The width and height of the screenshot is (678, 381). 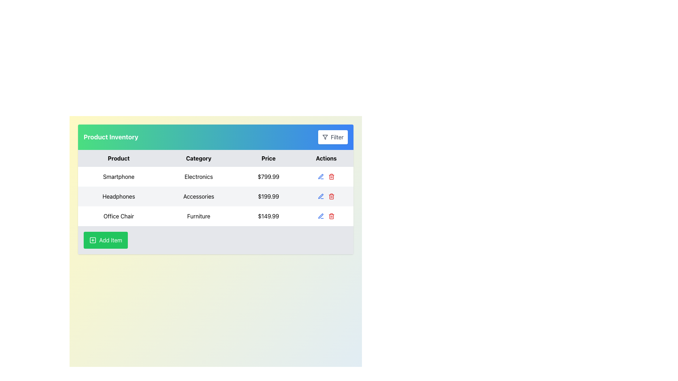 What do you see at coordinates (119, 196) in the screenshot?
I see `text content of the label displaying the product name 'Headphones', located in the second row of the table under the 'Product' column` at bounding box center [119, 196].